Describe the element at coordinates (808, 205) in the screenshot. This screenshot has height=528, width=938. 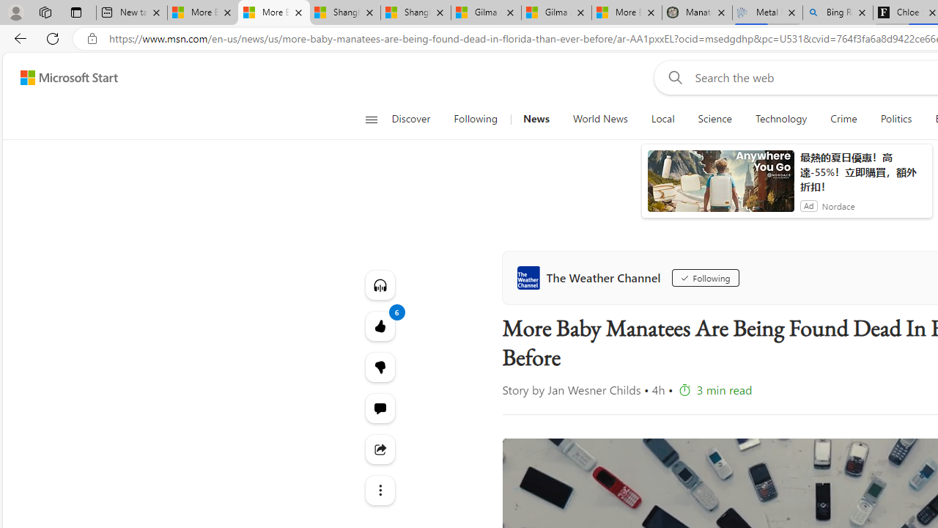
I see `'Ad'` at that location.